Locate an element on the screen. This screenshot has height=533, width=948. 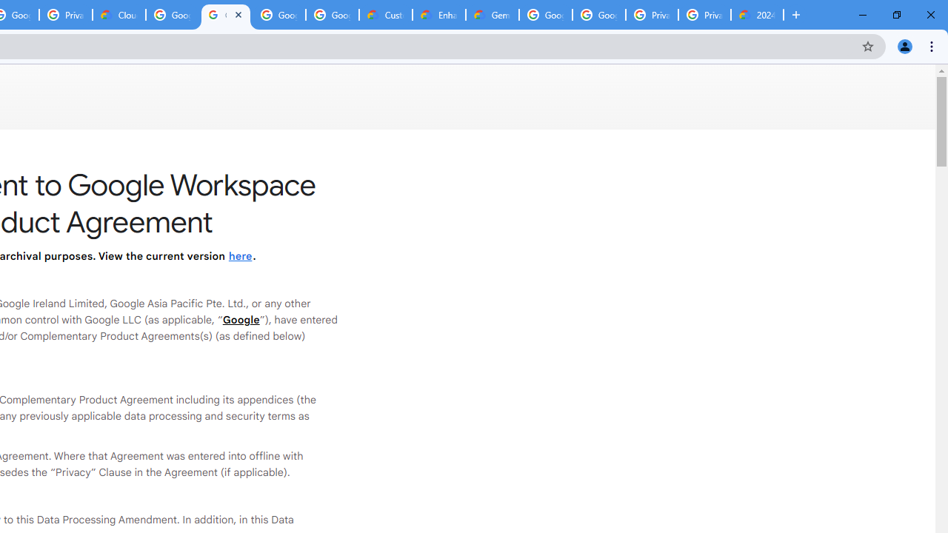
'here' is located at coordinates (240, 255).